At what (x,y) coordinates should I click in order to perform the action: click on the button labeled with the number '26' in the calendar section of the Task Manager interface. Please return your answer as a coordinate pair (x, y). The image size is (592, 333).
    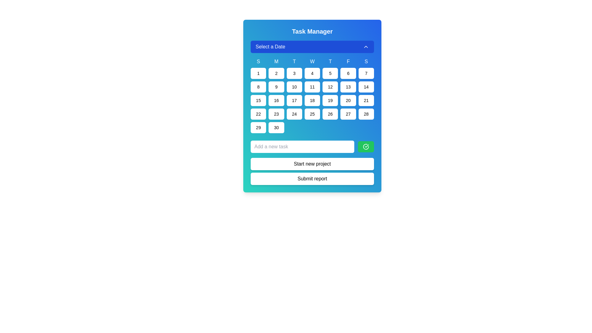
    Looking at the image, I should click on (330, 114).